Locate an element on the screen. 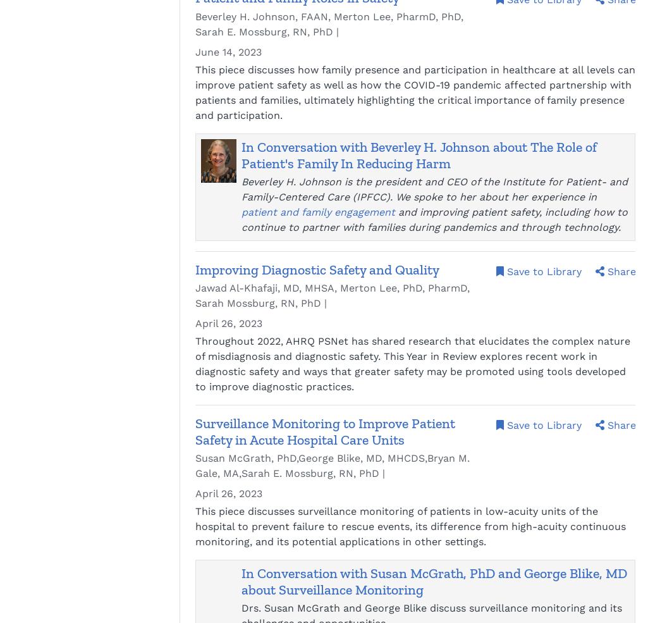 The image size is (667, 623). 'Surveillance Monitoring to Improve Patient Safety in Acute Hospital Care Units' is located at coordinates (325, 431).